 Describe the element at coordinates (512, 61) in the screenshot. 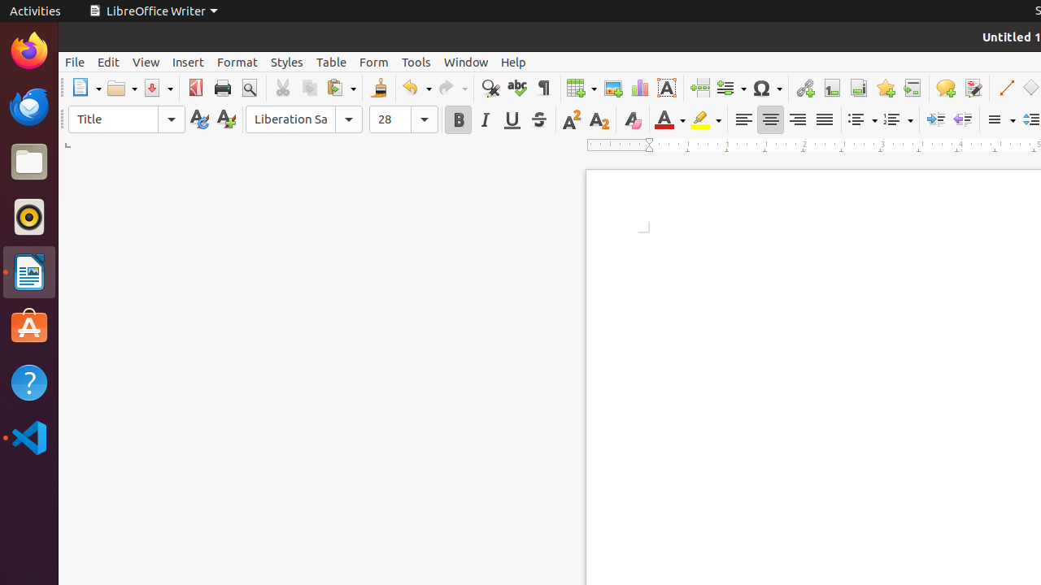

I see `'Help'` at that location.